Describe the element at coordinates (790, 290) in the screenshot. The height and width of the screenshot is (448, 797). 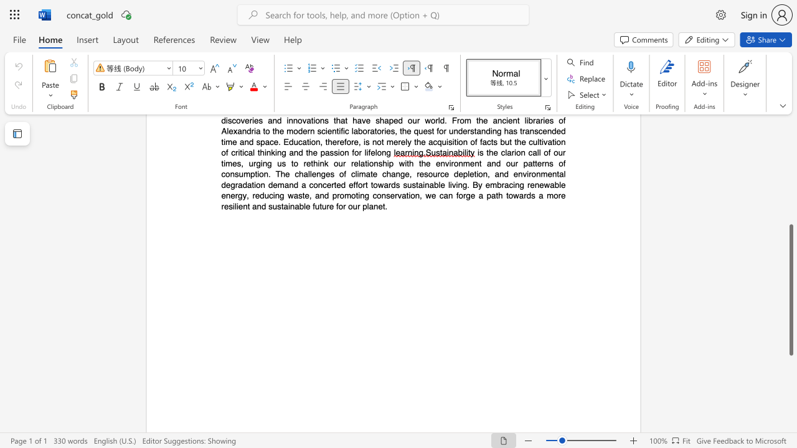
I see `the scrollbar and move up 390 pixels` at that location.